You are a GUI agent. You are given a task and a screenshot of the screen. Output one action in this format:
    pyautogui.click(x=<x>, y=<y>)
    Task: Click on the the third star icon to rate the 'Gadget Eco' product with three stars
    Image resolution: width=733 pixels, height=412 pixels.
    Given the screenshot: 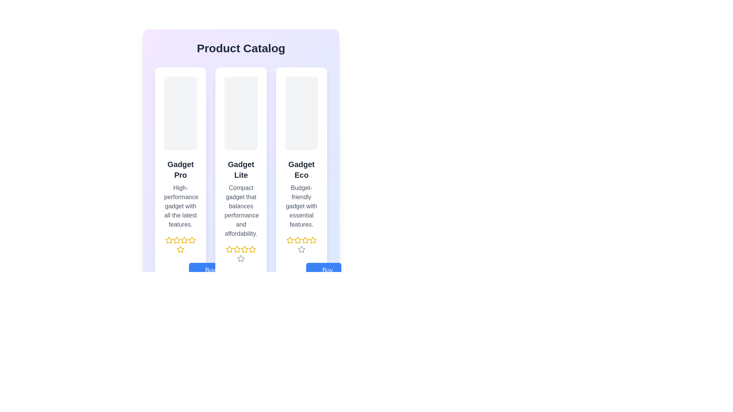 What is the action you would take?
    pyautogui.click(x=297, y=240)
    